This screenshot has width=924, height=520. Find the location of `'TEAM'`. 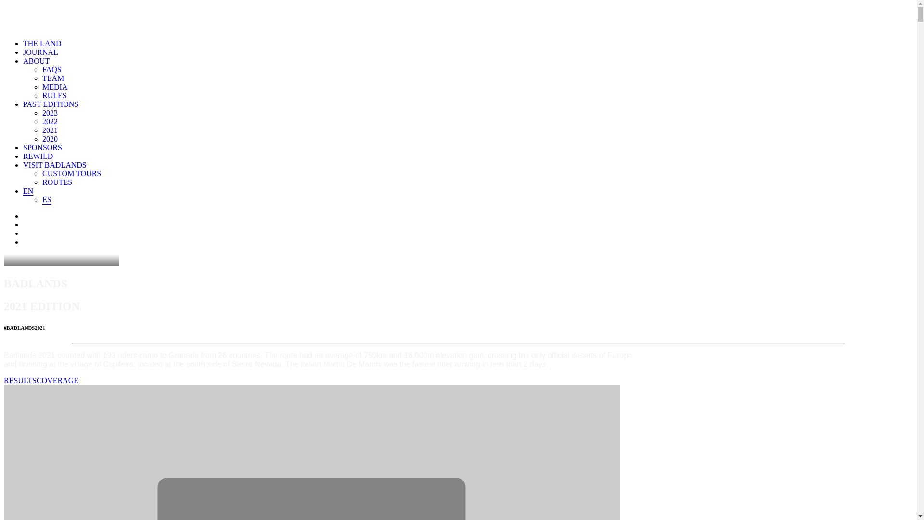

'TEAM' is located at coordinates (41, 78).